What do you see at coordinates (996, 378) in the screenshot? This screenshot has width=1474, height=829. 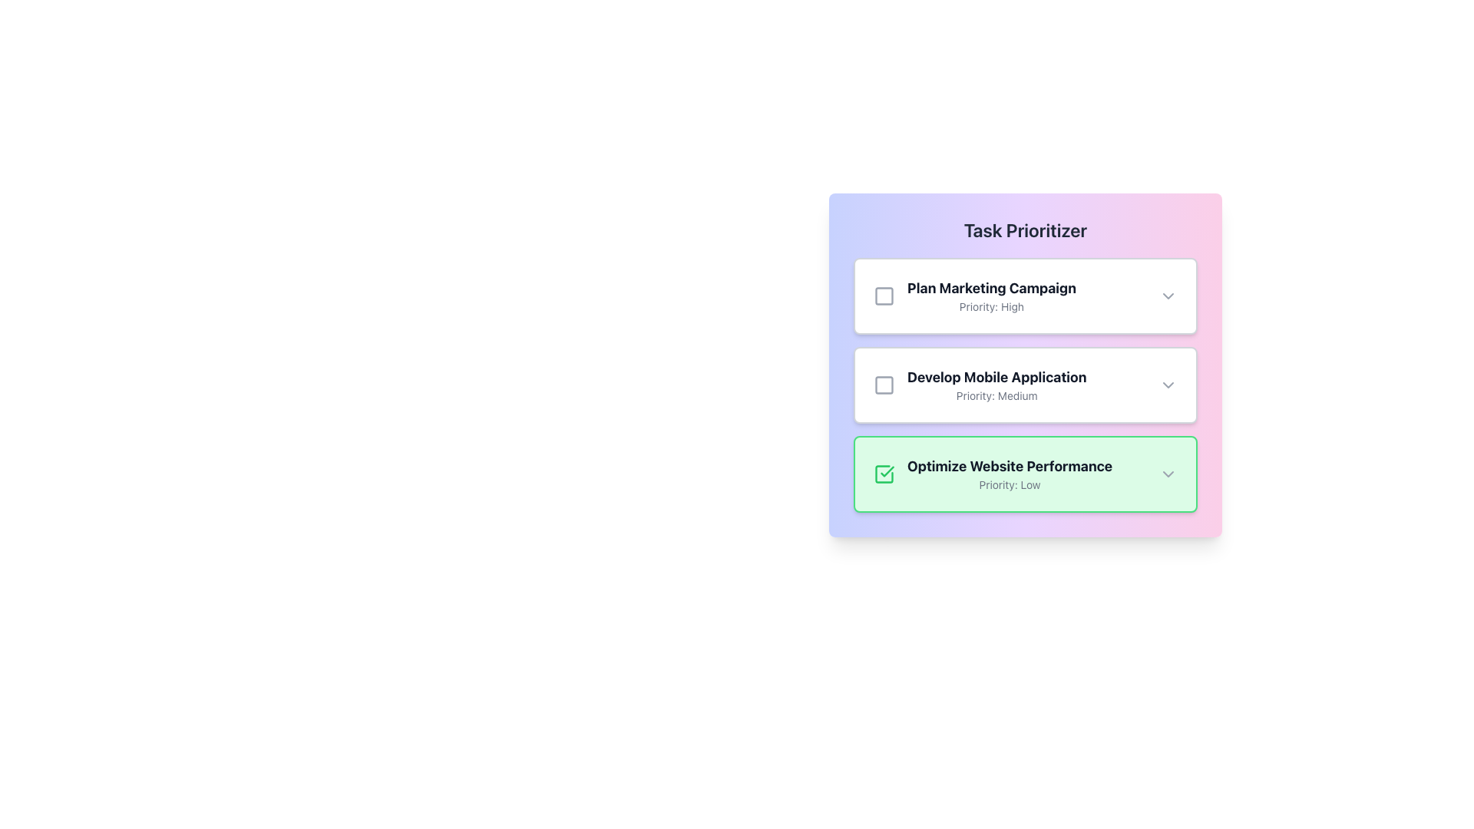 I see `the label that serves as the title of the second task in the task prioritization interface, positioned above 'Priority: Medium' and below 'Plan Marketing Campaign'` at bounding box center [996, 378].